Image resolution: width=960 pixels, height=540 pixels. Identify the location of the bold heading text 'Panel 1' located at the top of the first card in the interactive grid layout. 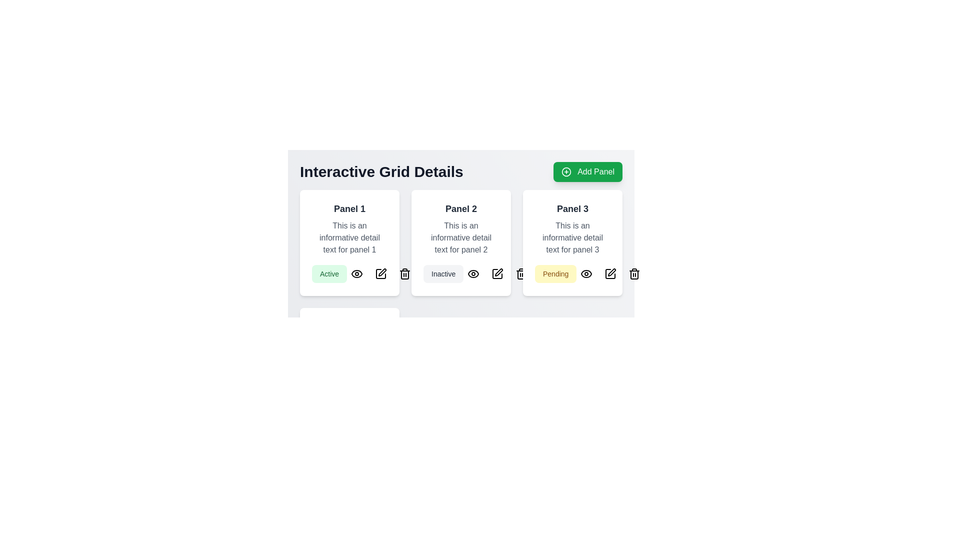
(349, 208).